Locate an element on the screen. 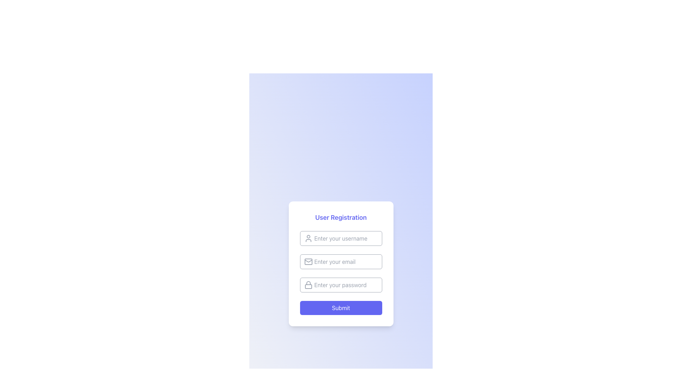  the mail icon, which is a minimalistic grey envelope shape located to the left of the 'Enter your email' input field in the user registration form is located at coordinates (308, 261).